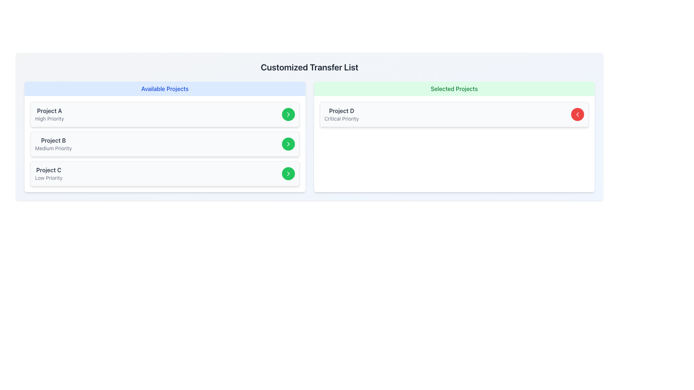  Describe the element at coordinates (288, 144) in the screenshot. I see `the right-pointing chevron arrow icon within the green circular button located to the right of the 'Project B' list item in the 'Available Projects' column` at that location.